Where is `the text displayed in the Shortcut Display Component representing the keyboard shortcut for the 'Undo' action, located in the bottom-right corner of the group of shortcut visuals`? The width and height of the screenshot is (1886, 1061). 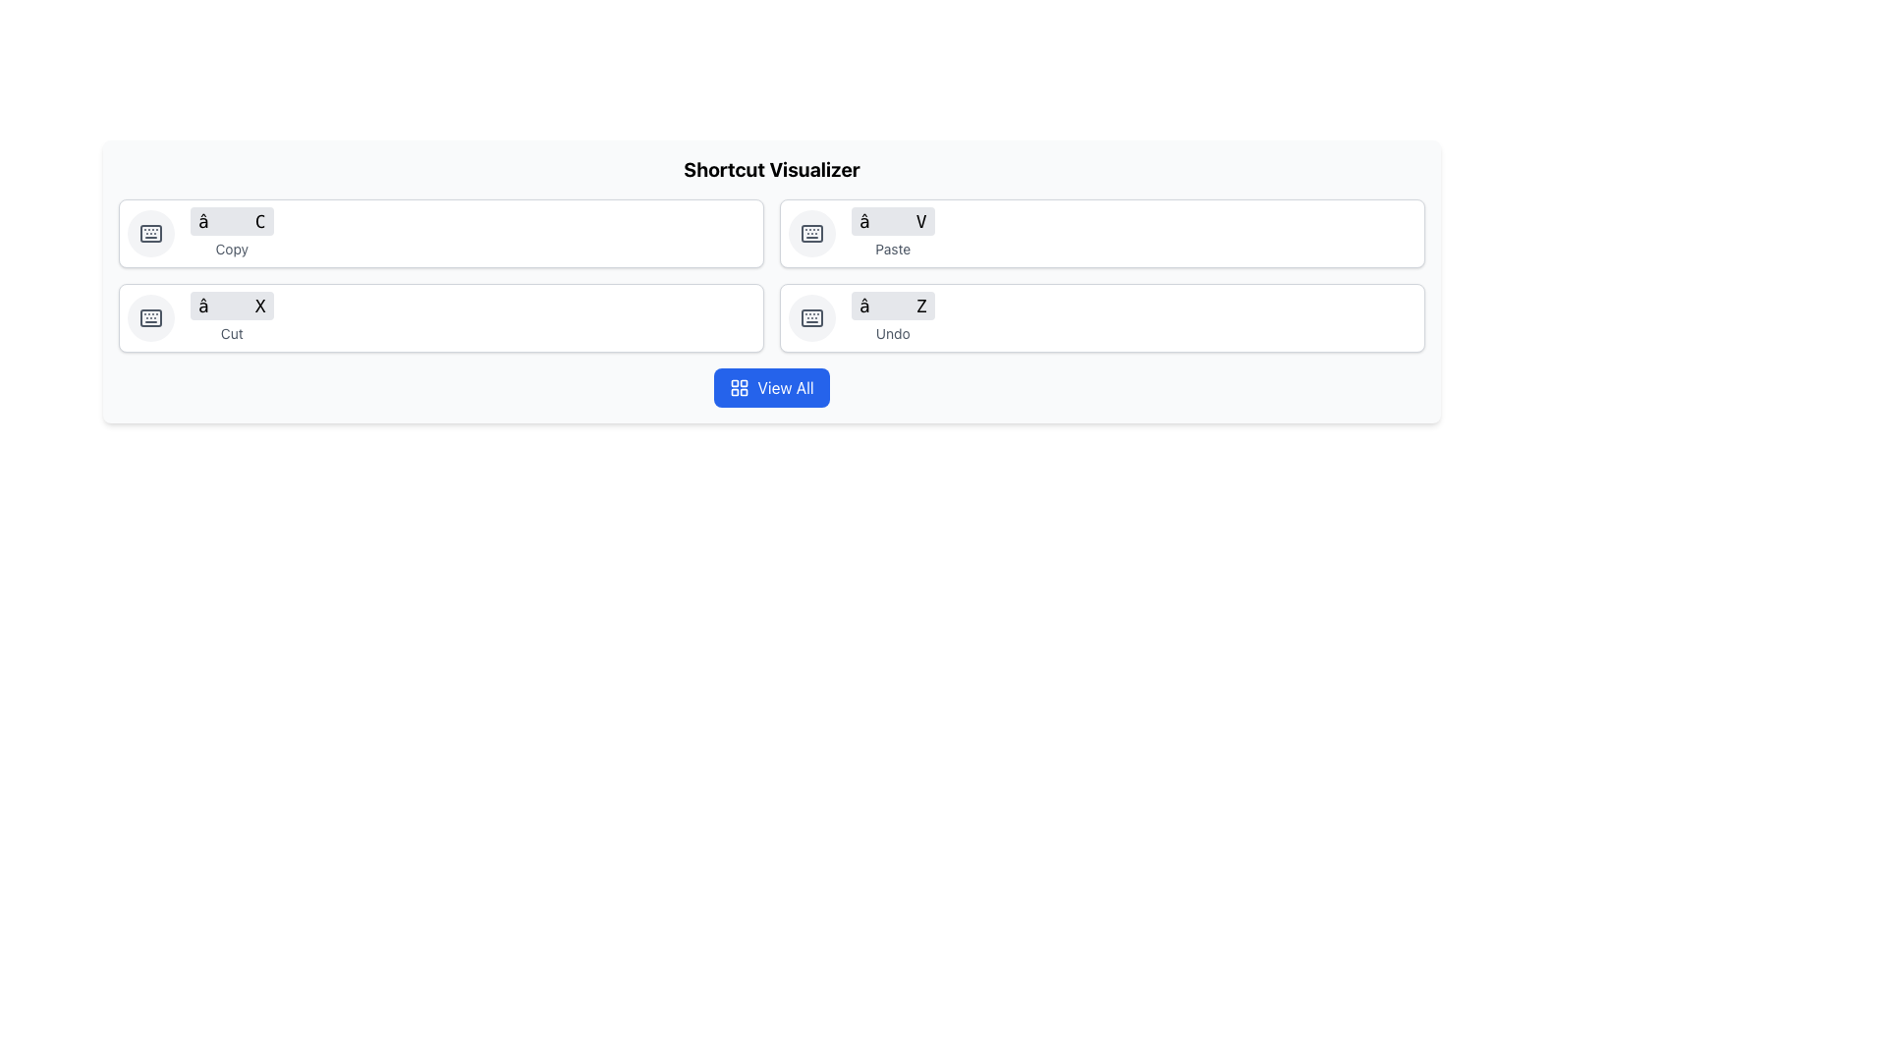
the text displayed in the Shortcut Display Component representing the keyboard shortcut for the 'Undo' action, located in the bottom-right corner of the group of shortcut visuals is located at coordinates (892, 317).